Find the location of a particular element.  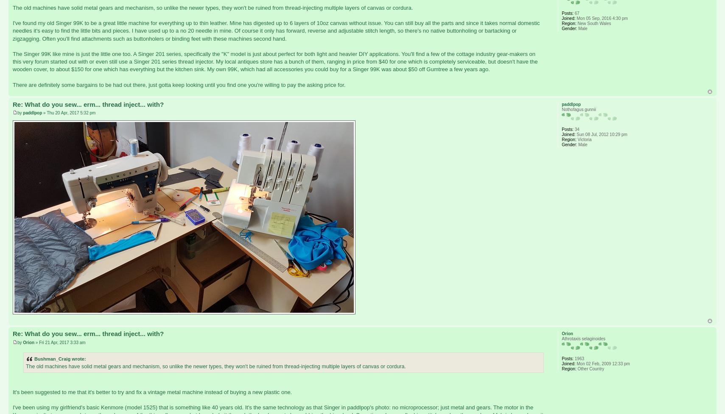

'Victoria' is located at coordinates (576, 139).